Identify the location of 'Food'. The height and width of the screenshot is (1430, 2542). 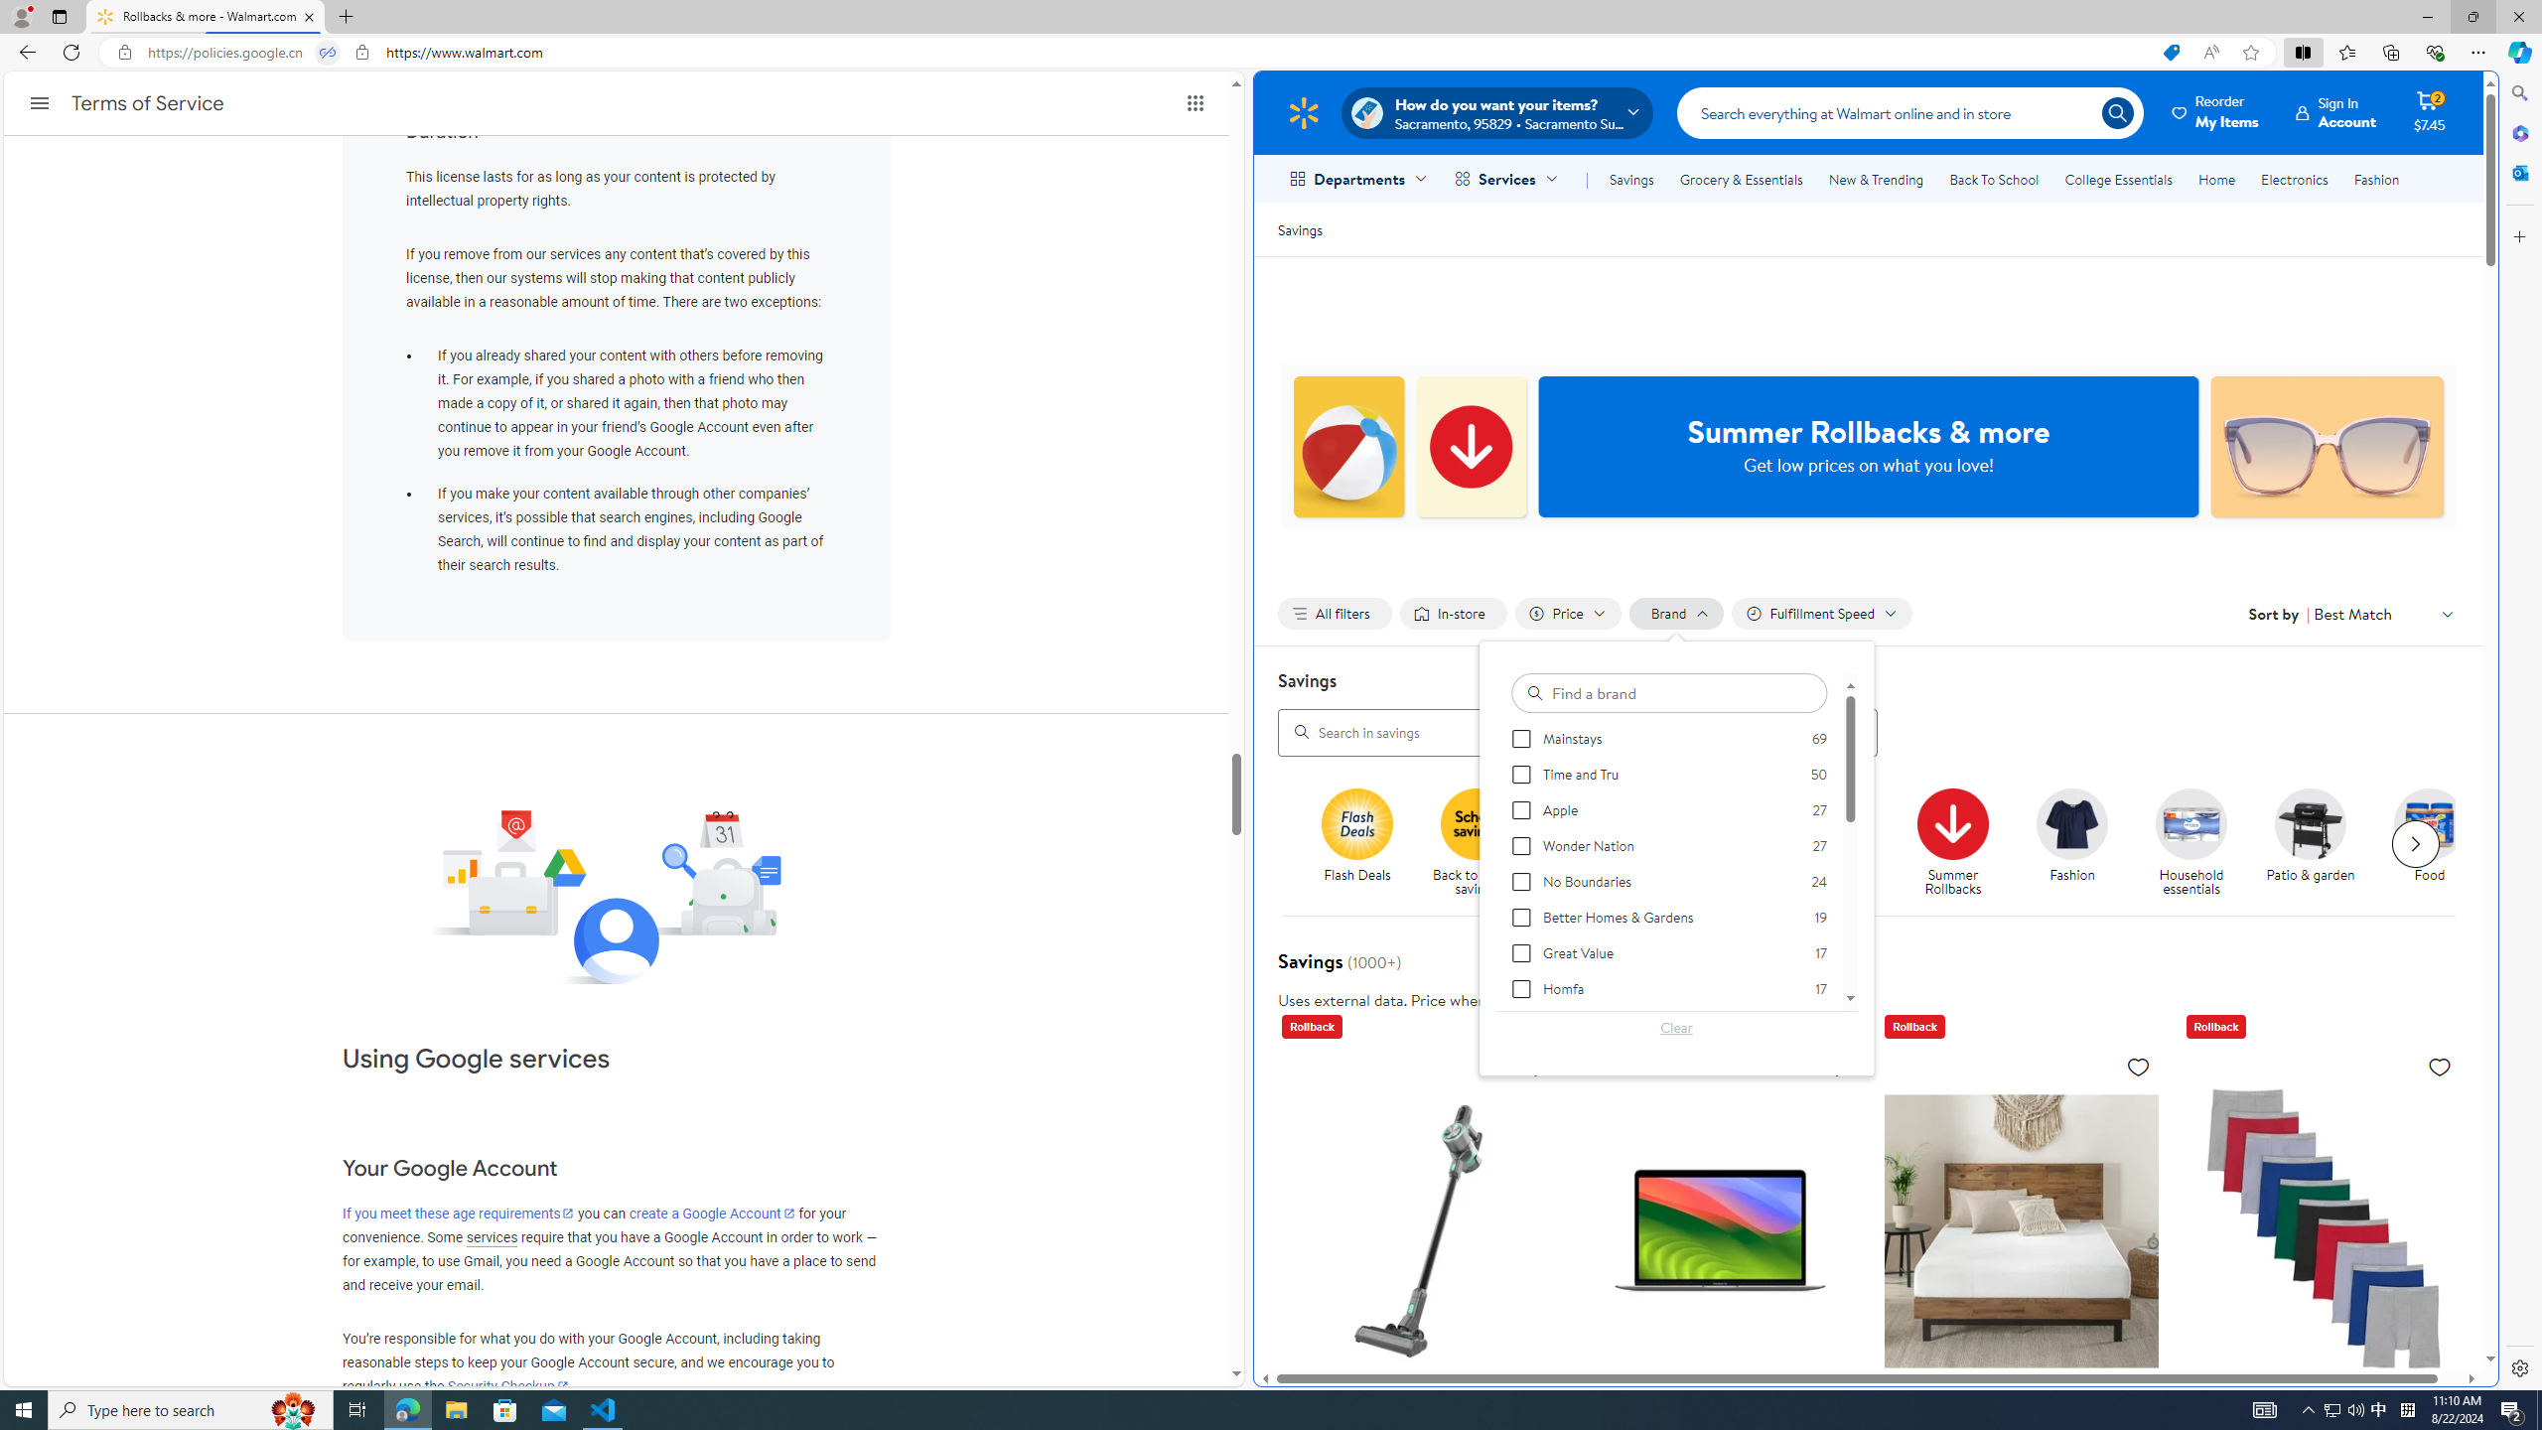
(2437, 843).